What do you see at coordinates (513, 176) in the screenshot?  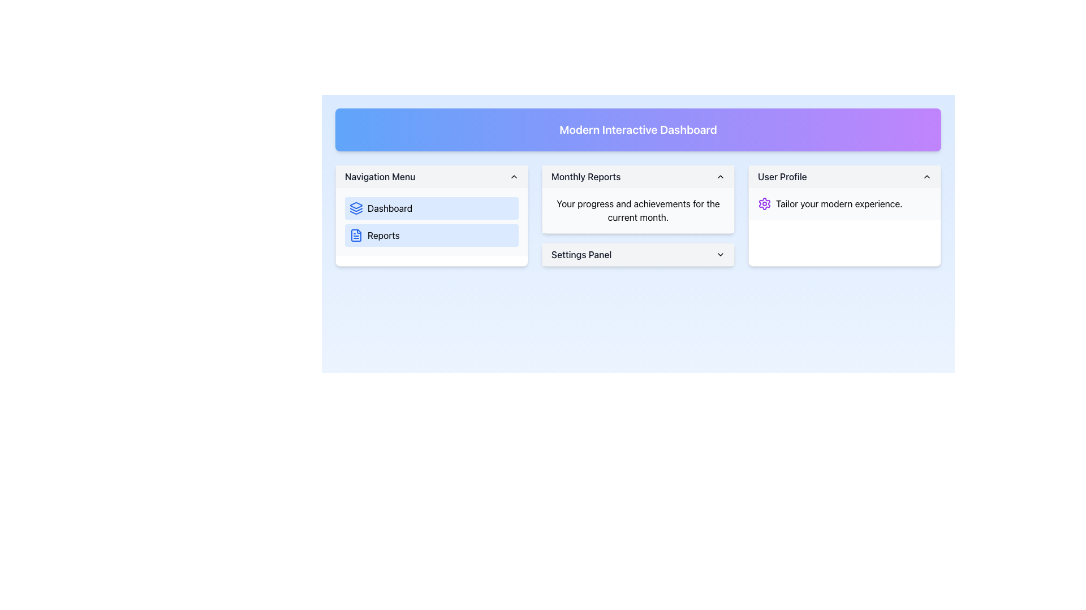 I see `the toggle icon for the 'Navigation Menu'` at bounding box center [513, 176].